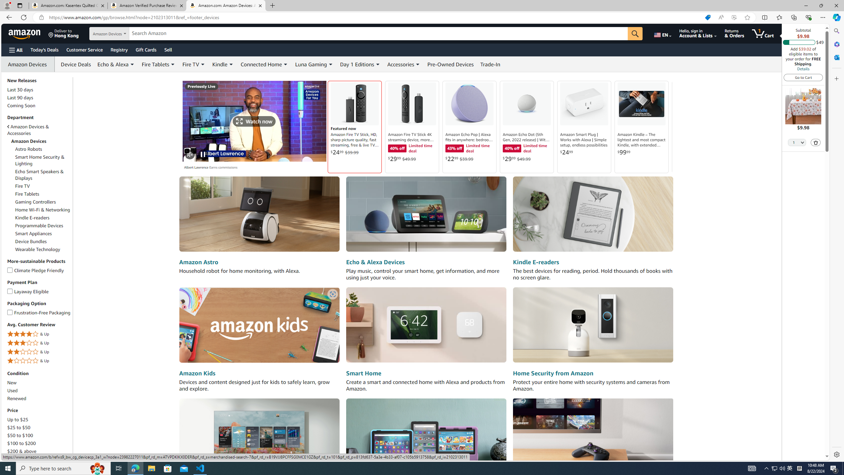 This screenshot has width=844, height=475. Describe the element at coordinates (39, 312) in the screenshot. I see `'Frustration-Free Packaging Frustration-Free Packaging'` at that location.